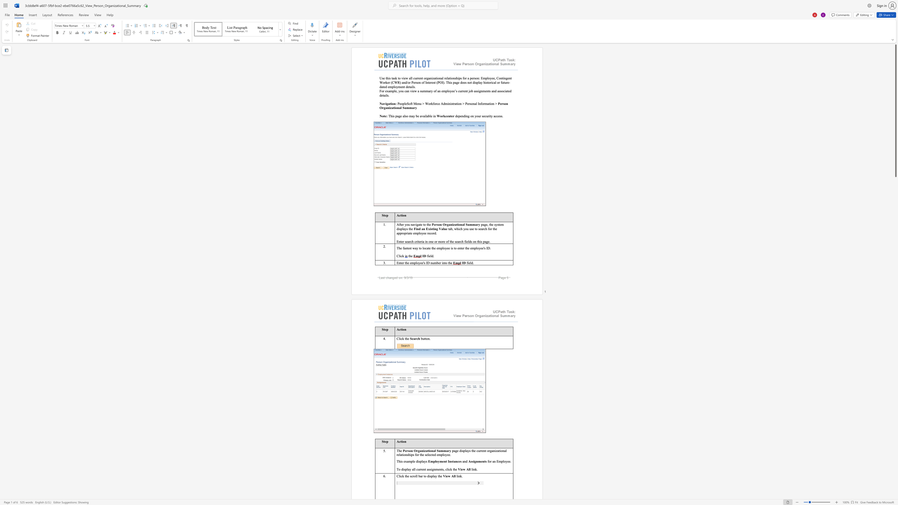 This screenshot has width=898, height=505. I want to click on the subset text "rgan" within the text "Person Organizational Summary", so click(416, 451).